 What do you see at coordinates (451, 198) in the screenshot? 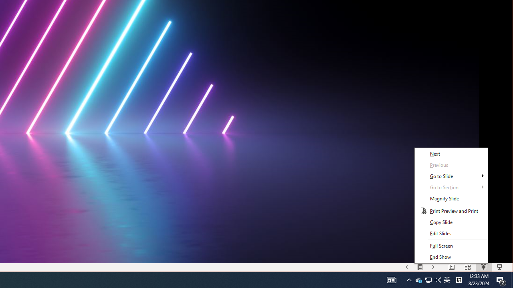
I see `'Magnify Slide'` at bounding box center [451, 198].